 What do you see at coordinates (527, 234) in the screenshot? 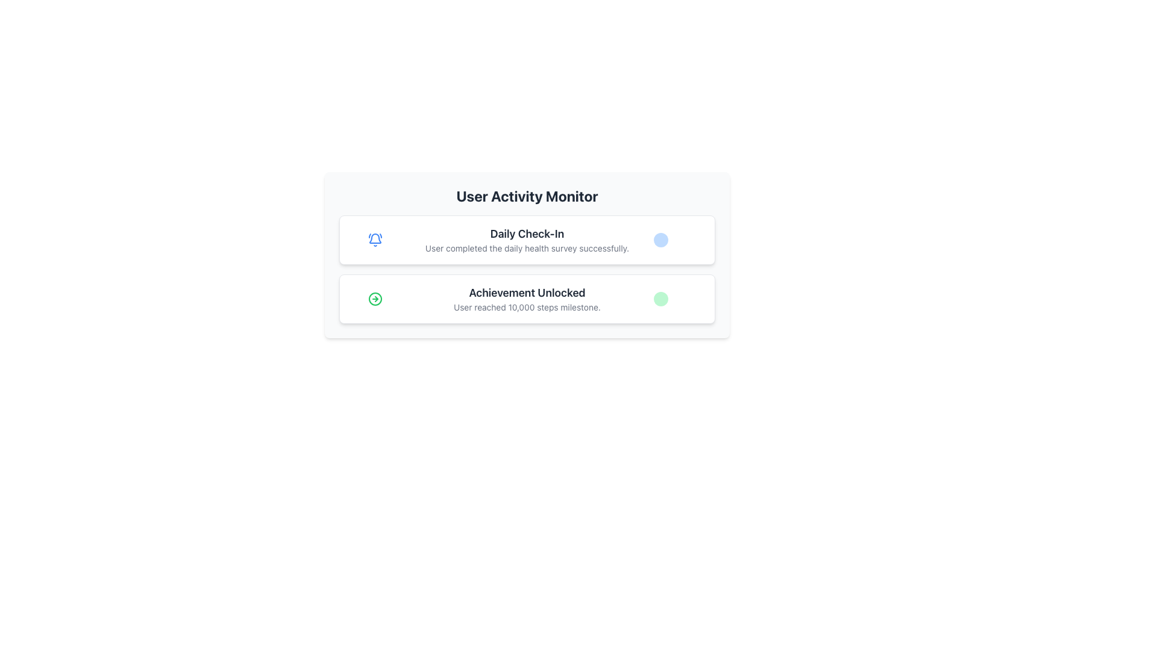
I see `text label that serves as the header for the daily check-in summary, which is centrally aligned above the content indicating the user's completion of the daily health survey` at bounding box center [527, 234].